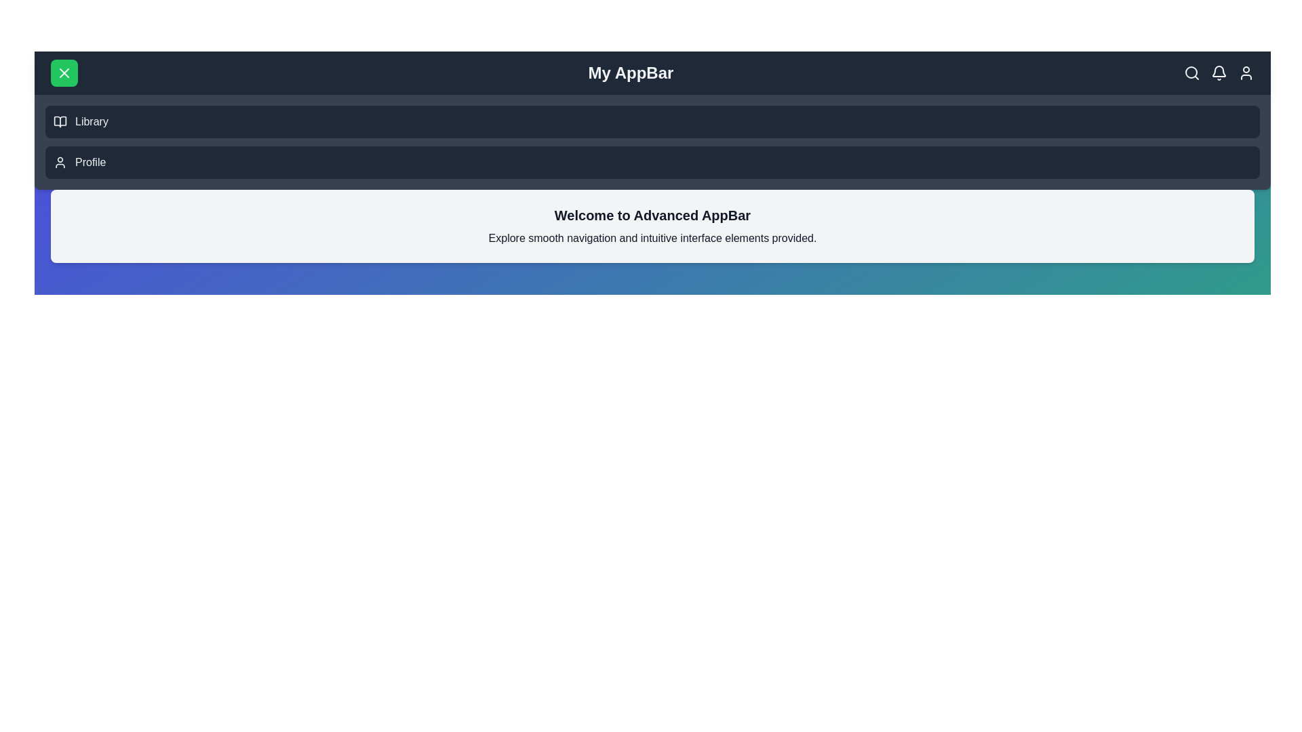 The width and height of the screenshot is (1302, 732). I want to click on the AppBar title labeled 'My AppBar', so click(630, 73).